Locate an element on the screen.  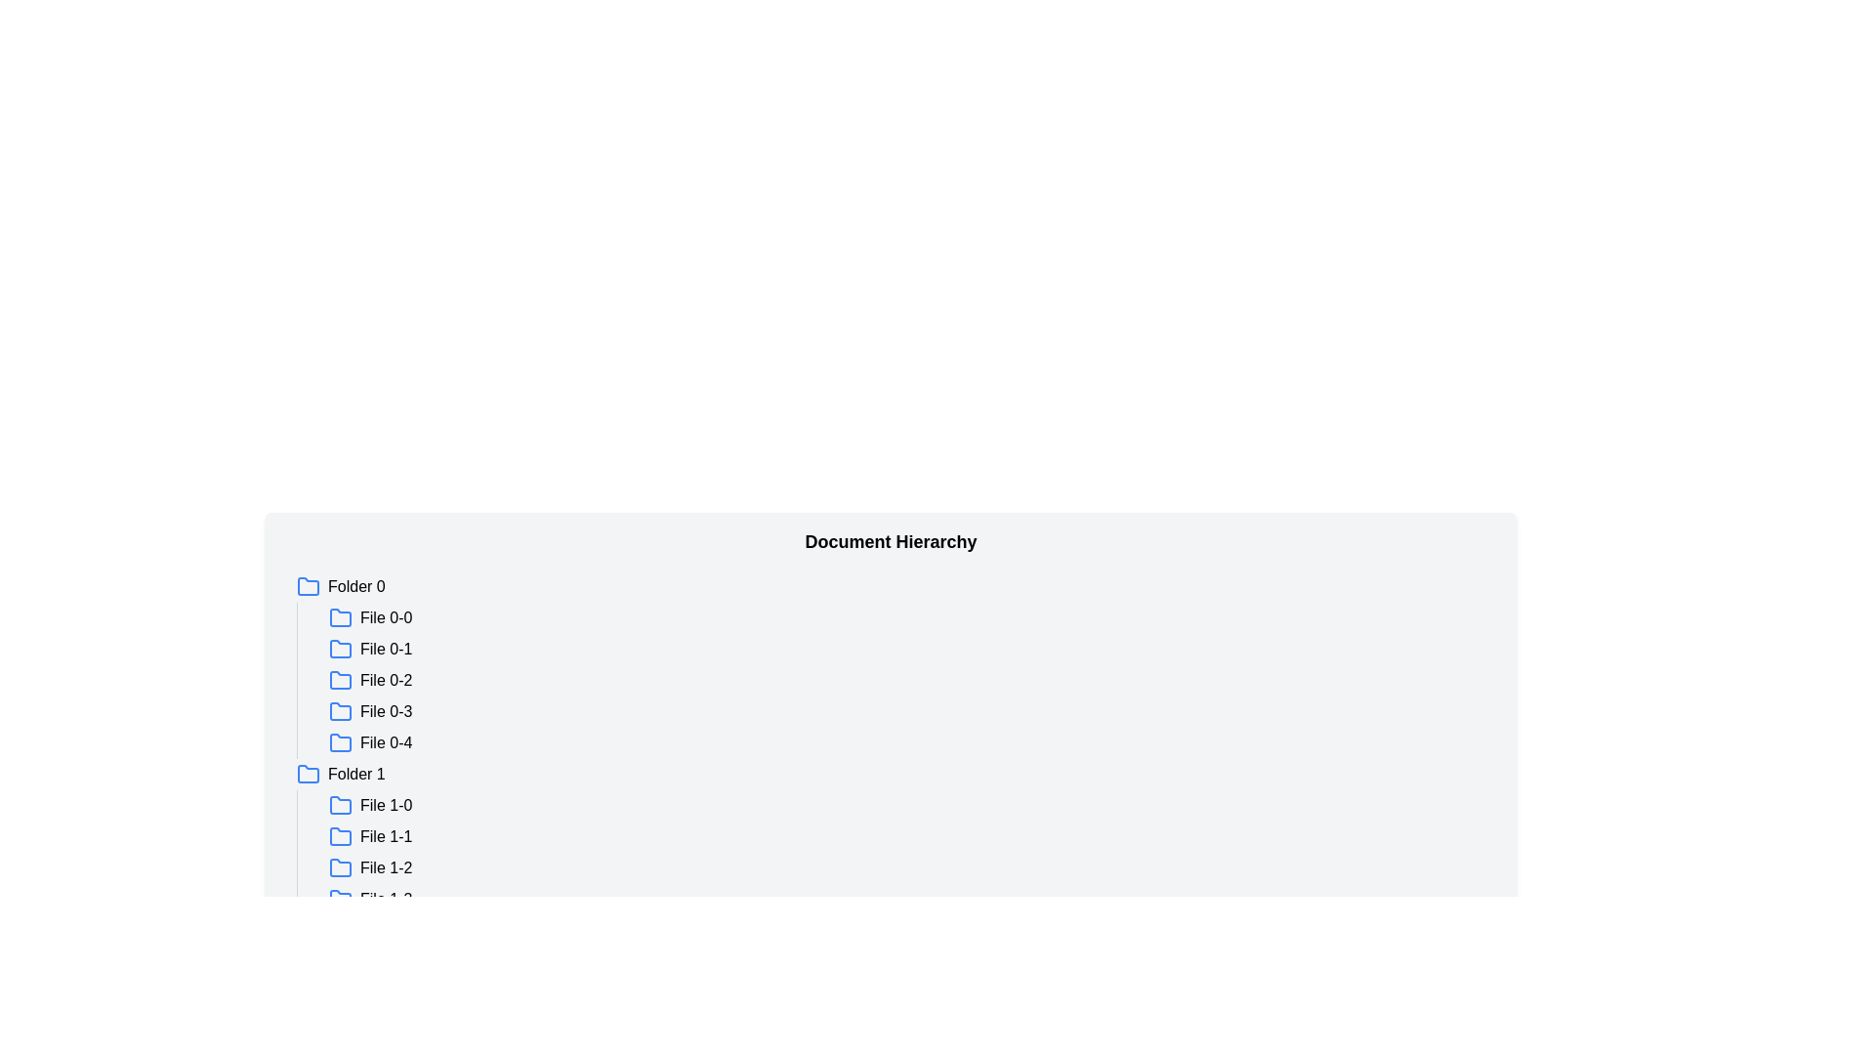
the fourth folder icon with a blue outline located in the 'Folder 1' category alongside the label 'File 1-3' is located at coordinates (341, 899).